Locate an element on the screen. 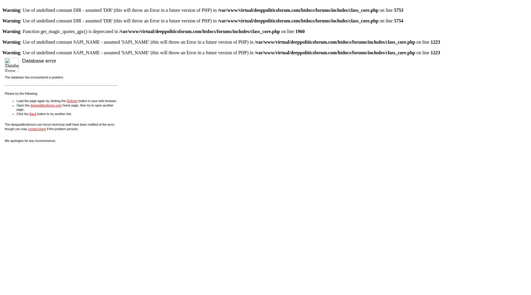 This screenshot has width=531, height=295. ': Function get_magic_quotes_gpc() is deprecated in' is located at coordinates (69, 31).